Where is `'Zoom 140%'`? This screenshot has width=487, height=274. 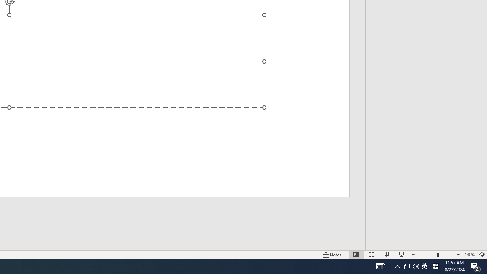 'Zoom 140%' is located at coordinates (469, 255).